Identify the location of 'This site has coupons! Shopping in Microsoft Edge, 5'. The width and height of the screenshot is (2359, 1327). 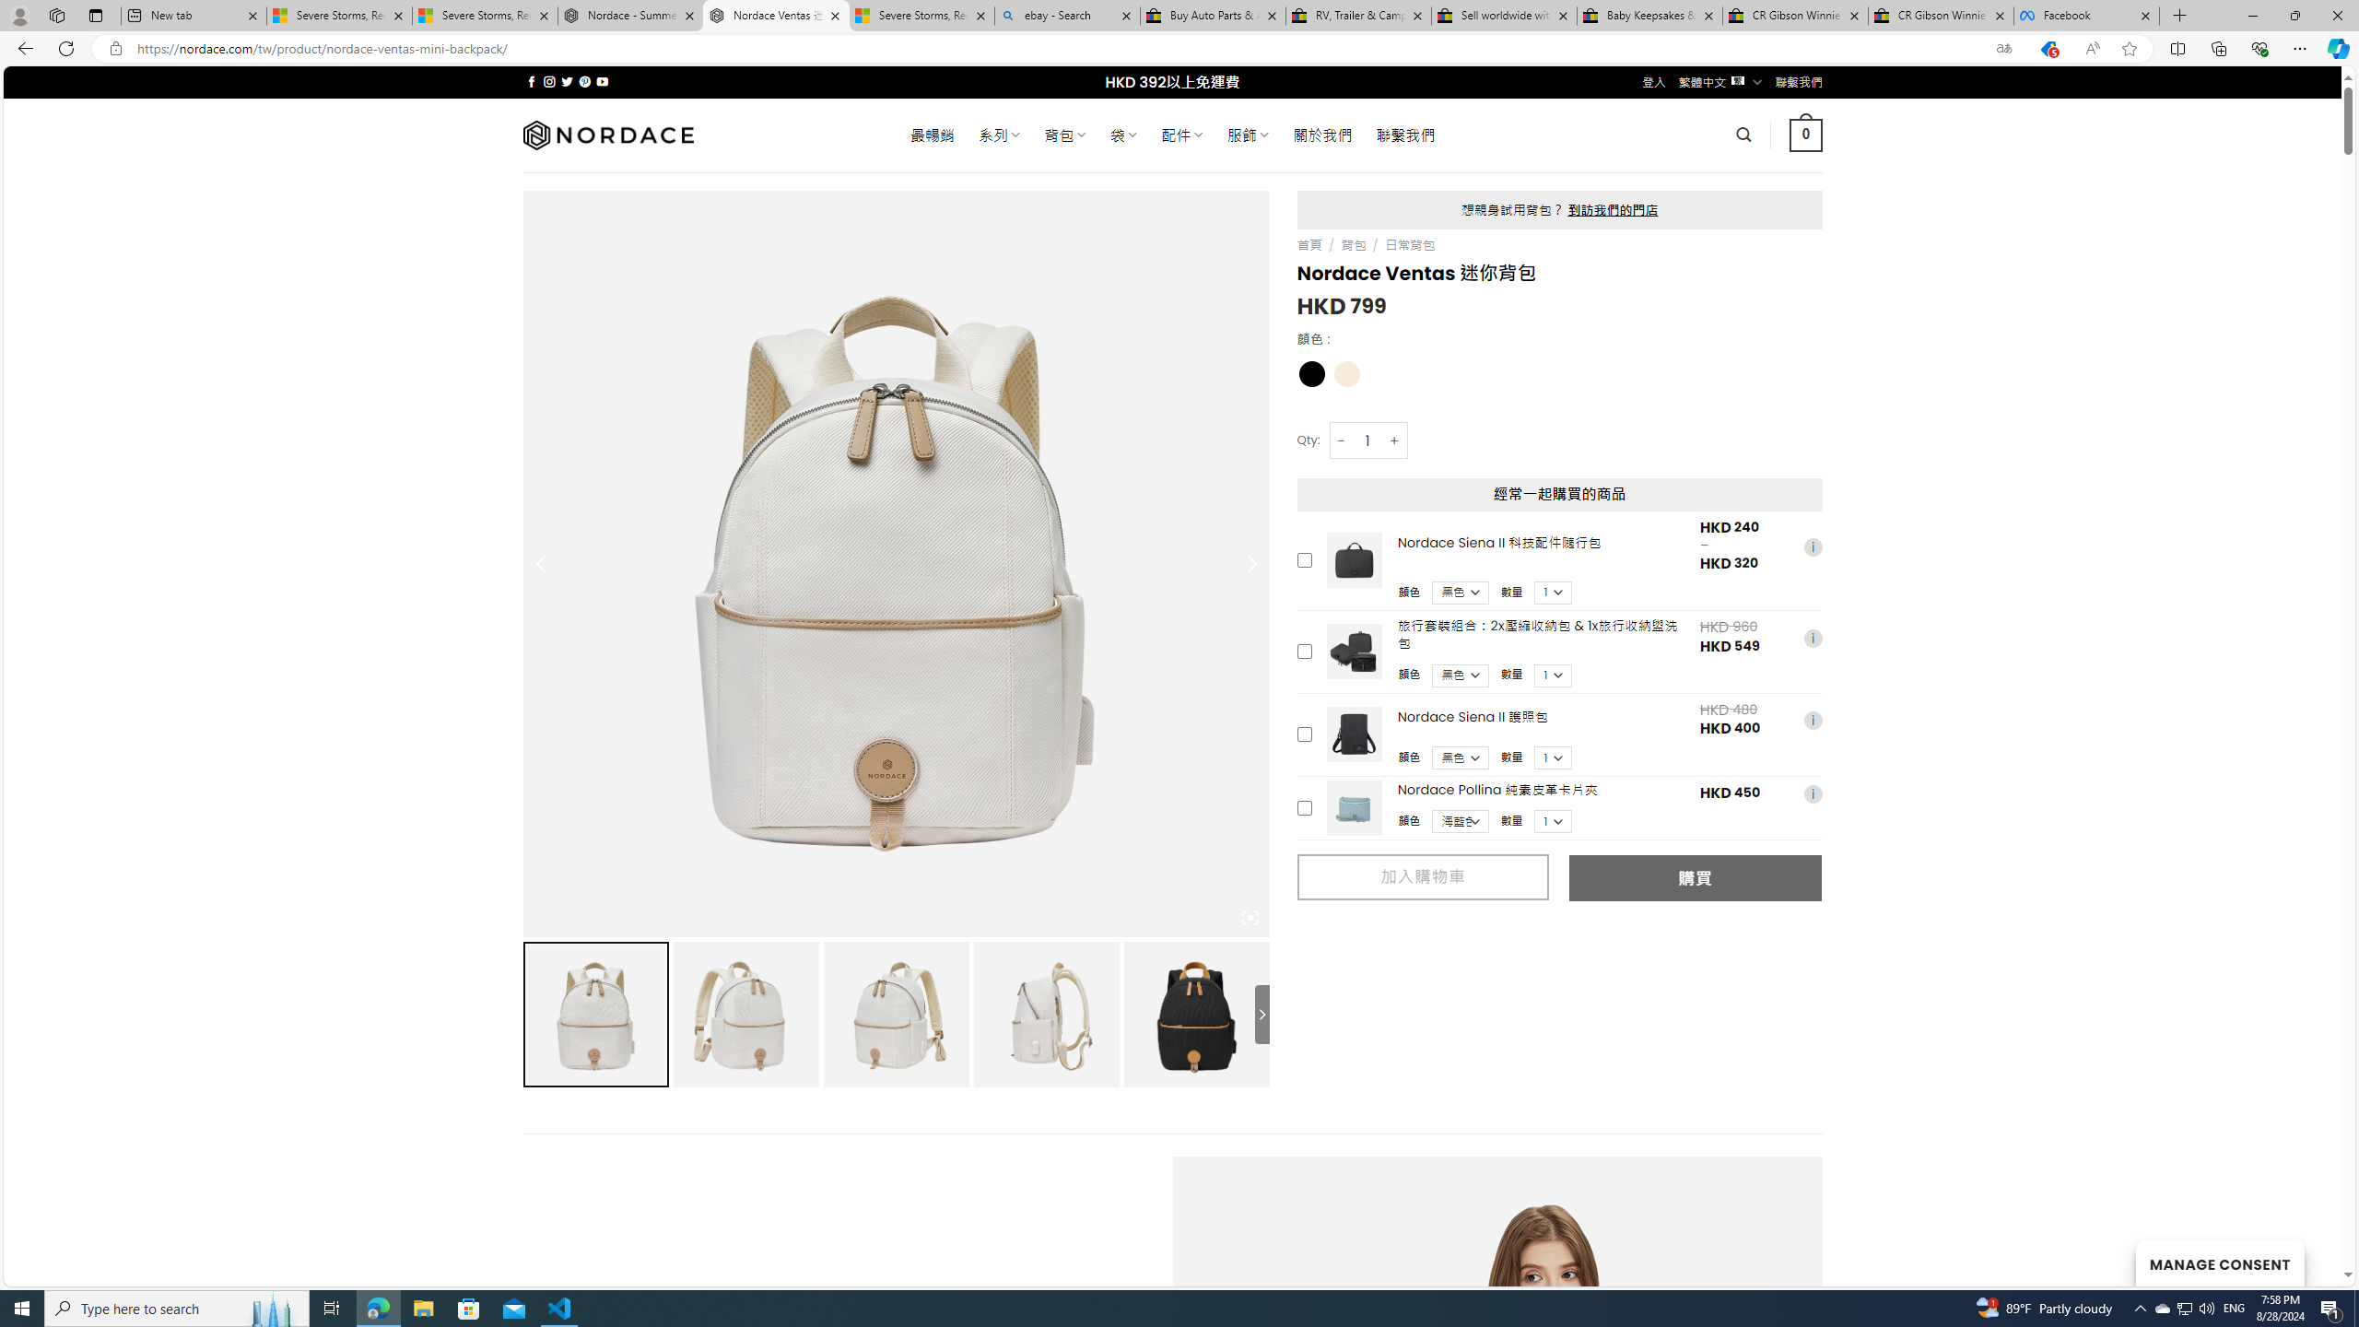
(2047, 49).